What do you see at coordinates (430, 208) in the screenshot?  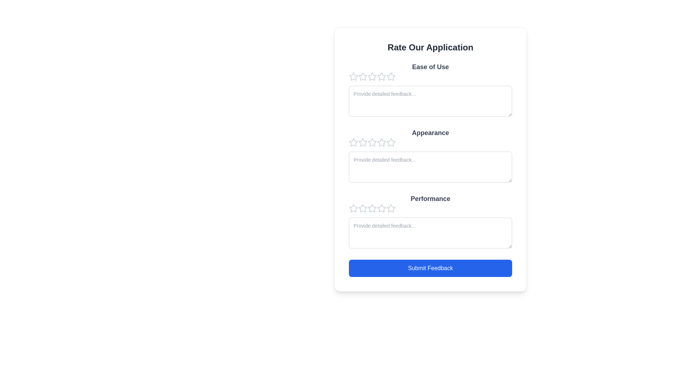 I see `the star icons in the Rating input group for 'Performance'` at bounding box center [430, 208].